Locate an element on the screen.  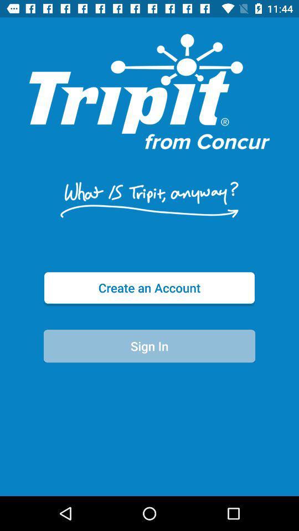
the create an account is located at coordinates (149, 287).